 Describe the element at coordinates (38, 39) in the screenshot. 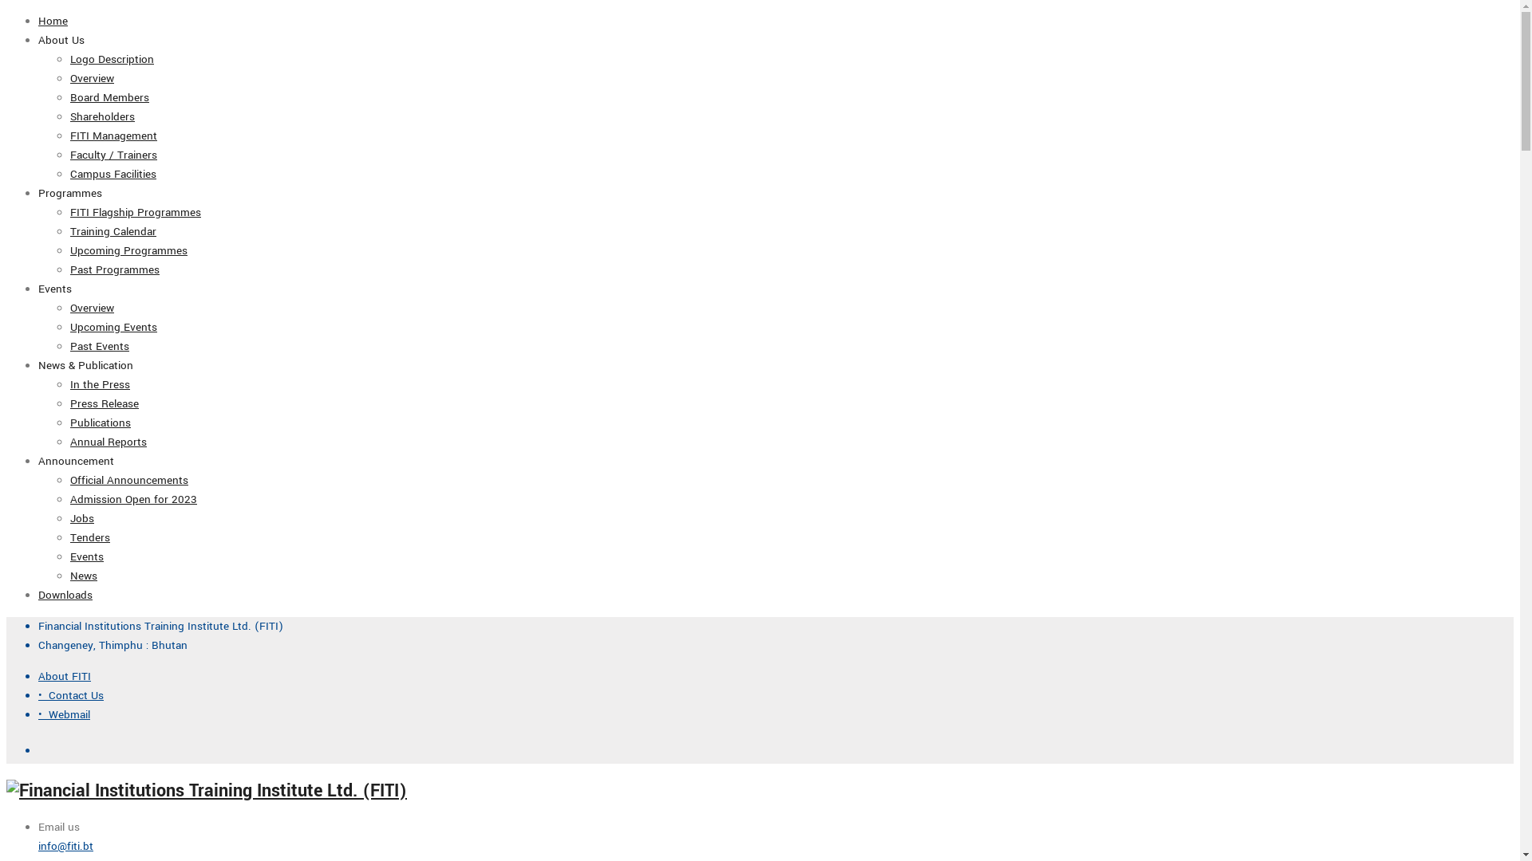

I see `'About Us'` at that location.